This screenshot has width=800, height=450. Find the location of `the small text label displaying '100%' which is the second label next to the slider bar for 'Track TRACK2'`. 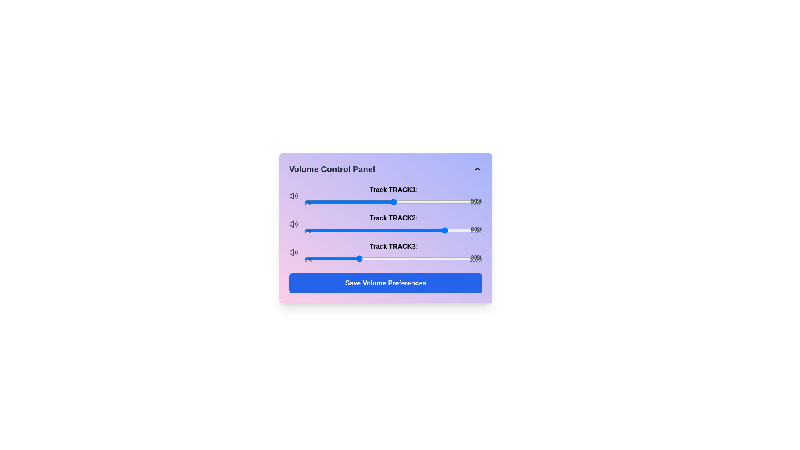

the small text label displaying '100%' which is the second label next to the slider bar for 'Track TRACK2' is located at coordinates (476, 231).